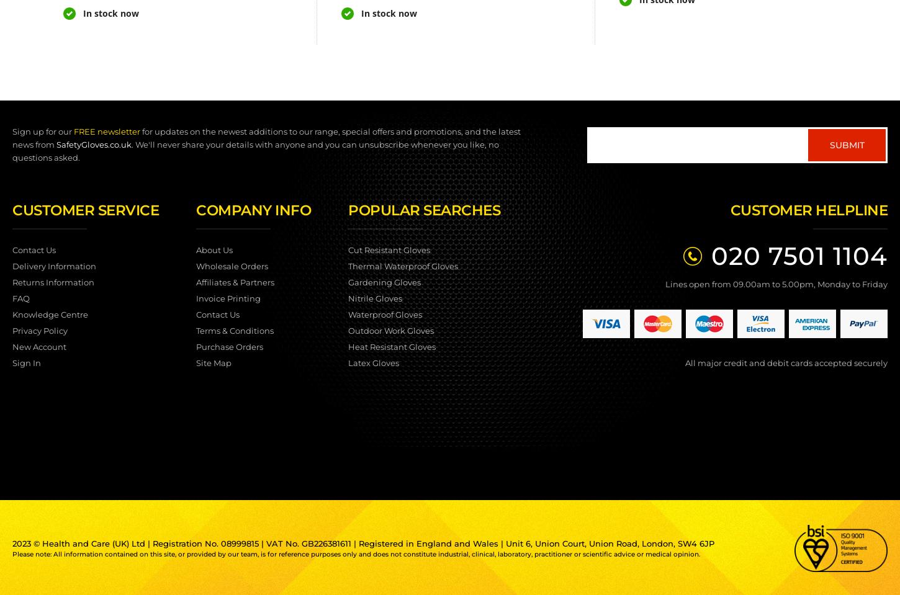 The width and height of the screenshot is (900, 595). Describe the element at coordinates (384, 313) in the screenshot. I see `'Waterproof Gloves'` at that location.